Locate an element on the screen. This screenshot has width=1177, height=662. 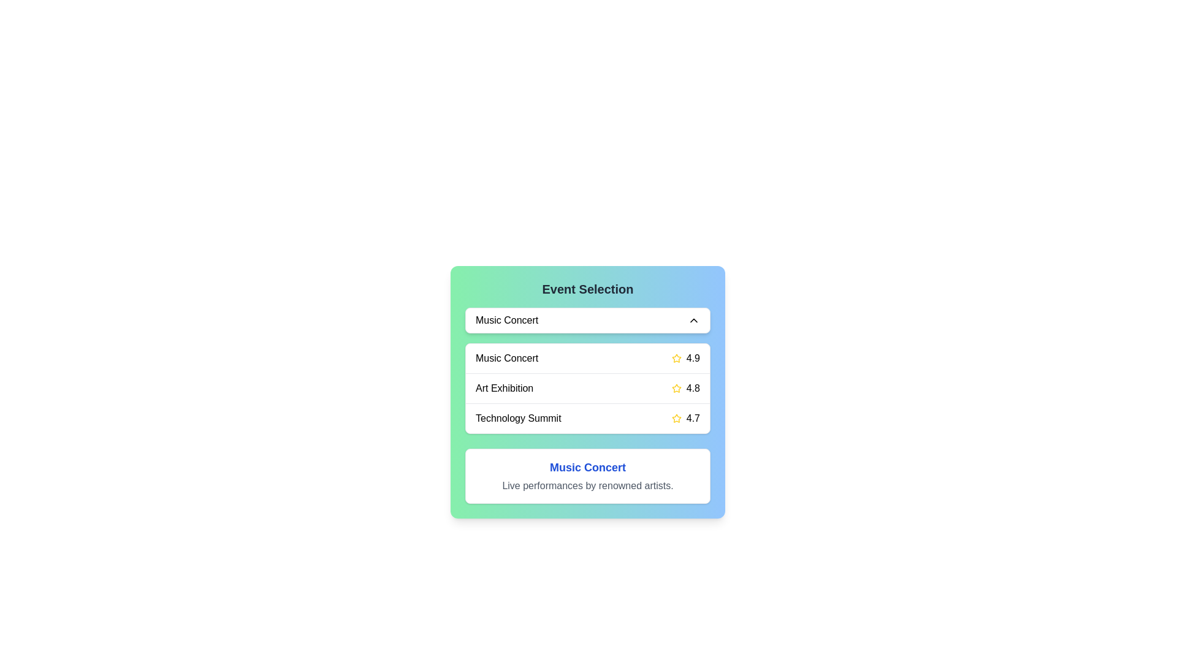
the yellow star icon indicating a rating of '4.7', located in the third row under 'Event Selection' is located at coordinates (676, 417).